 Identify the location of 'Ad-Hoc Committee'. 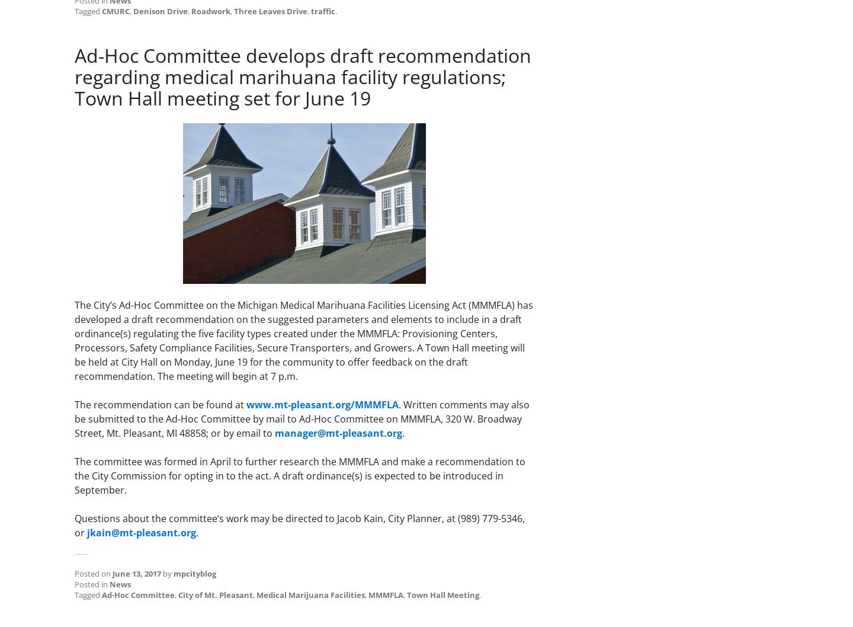
(138, 593).